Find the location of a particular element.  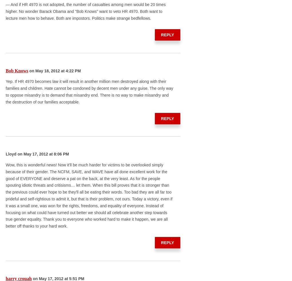

'Lloyd on May 17, 2012 at 8:06 PM' is located at coordinates (37, 154).